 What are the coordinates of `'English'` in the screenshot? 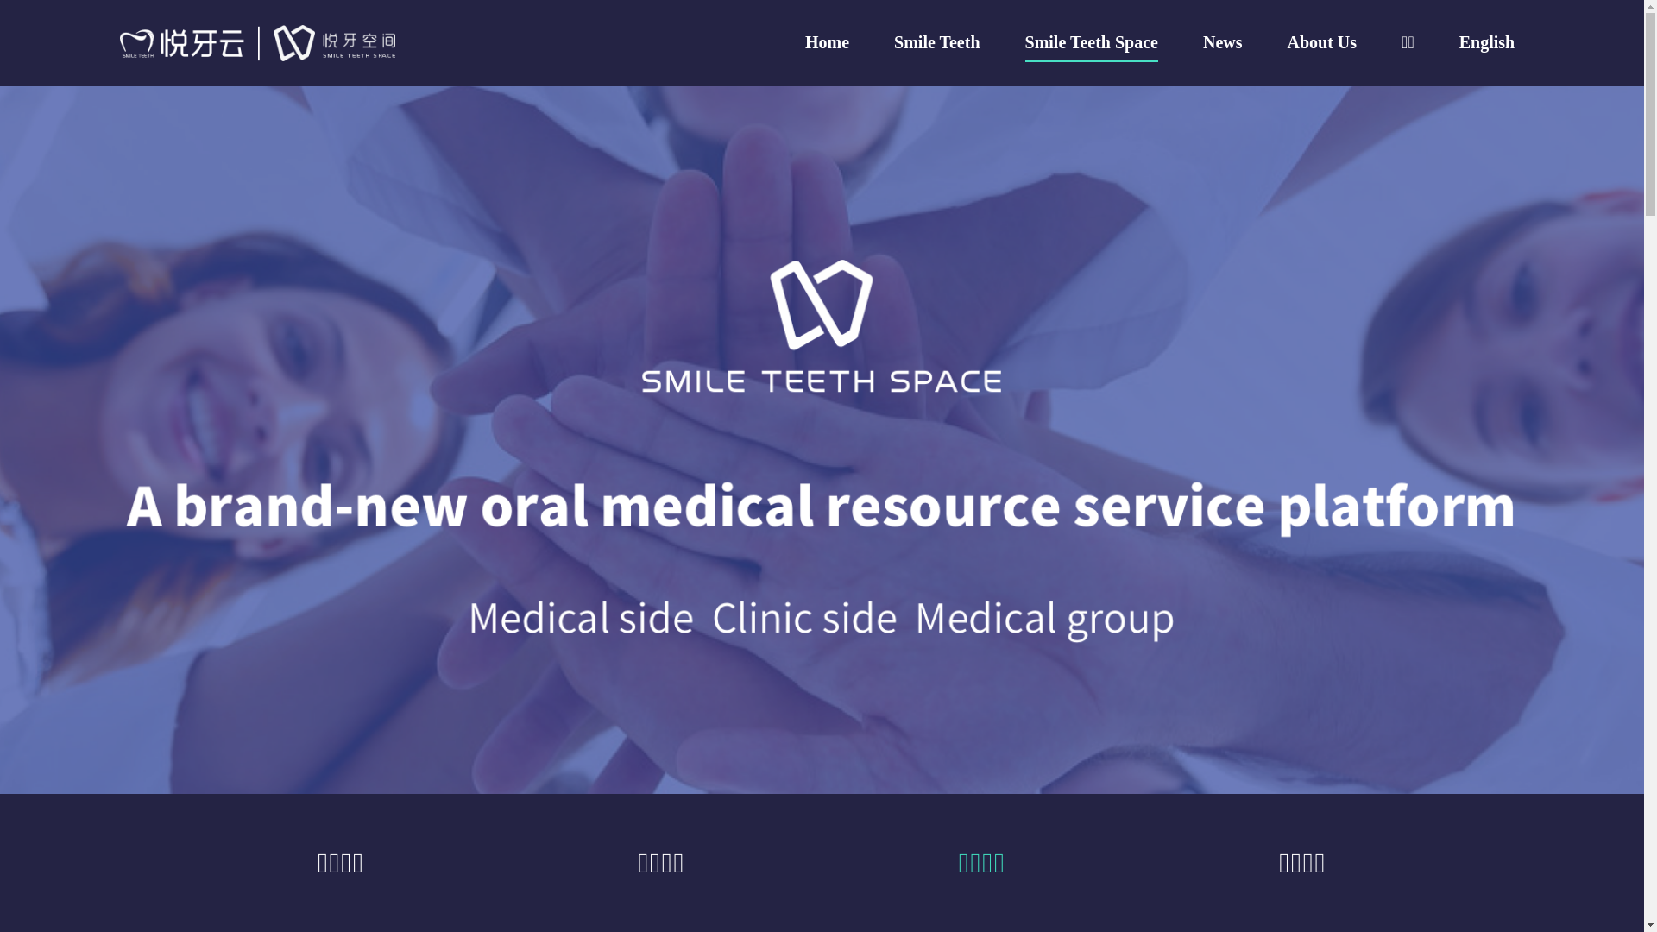 It's located at (1486, 41).